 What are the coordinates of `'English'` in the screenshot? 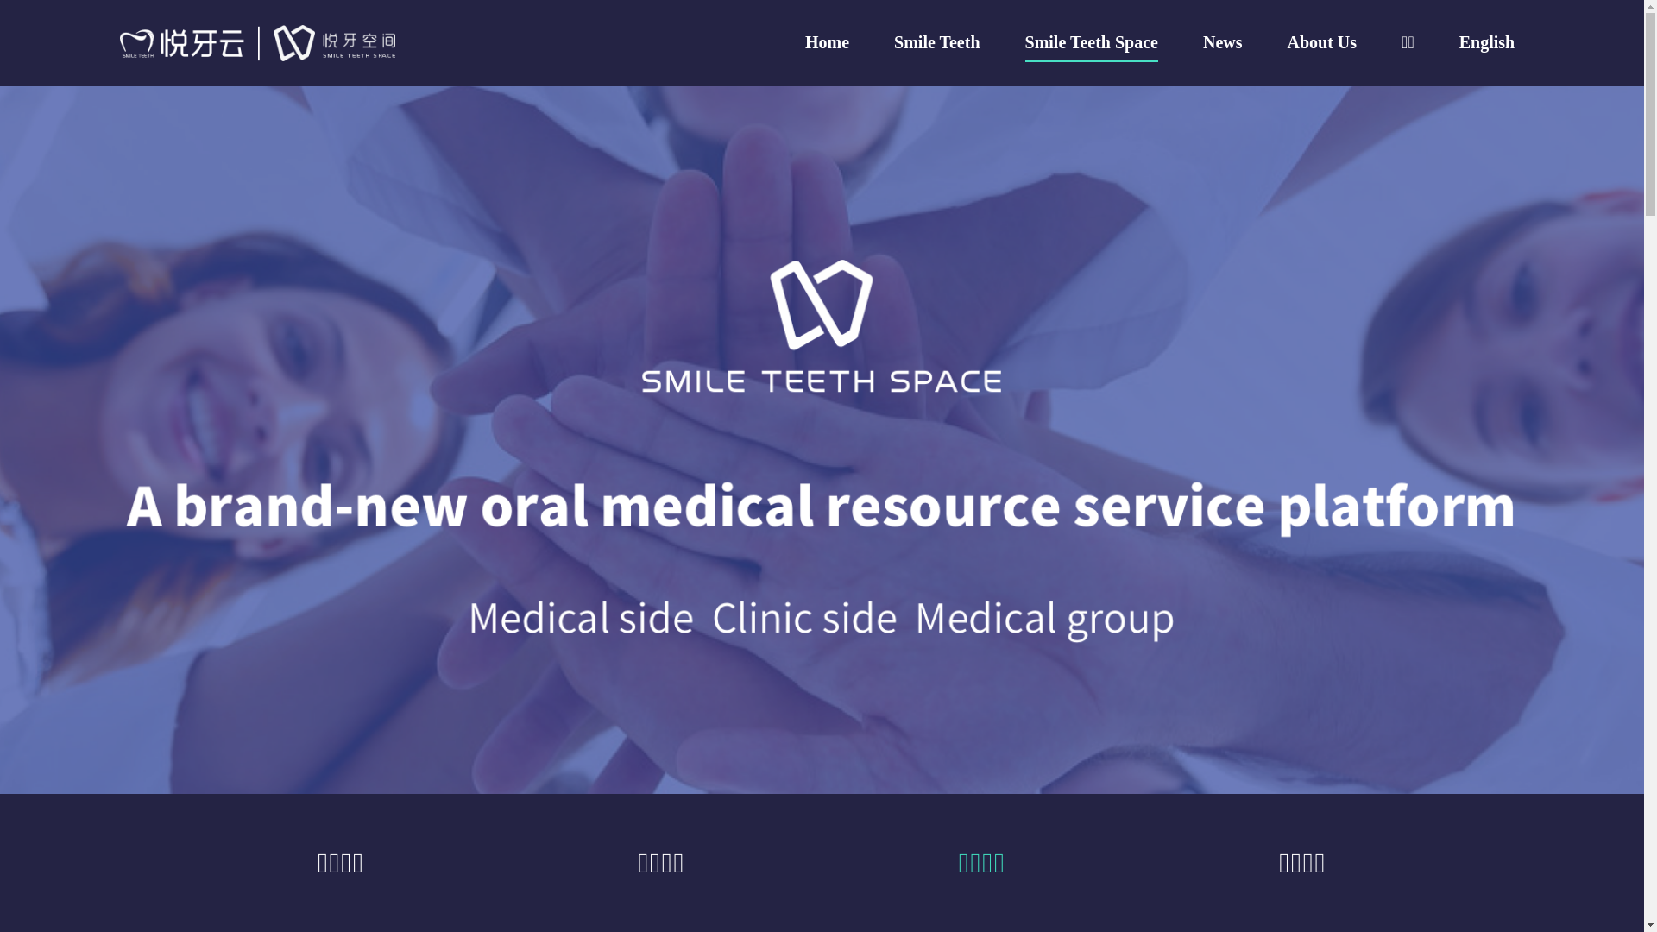 It's located at (1486, 41).